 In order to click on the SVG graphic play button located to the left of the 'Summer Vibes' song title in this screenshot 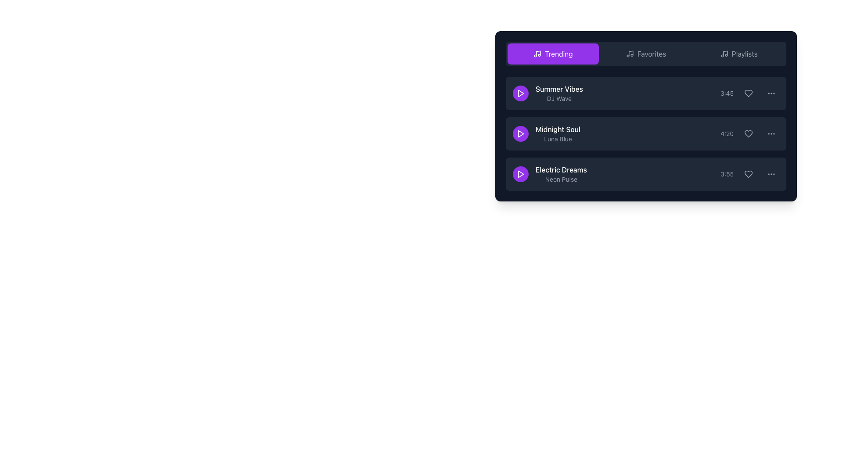, I will do `click(520, 93)`.